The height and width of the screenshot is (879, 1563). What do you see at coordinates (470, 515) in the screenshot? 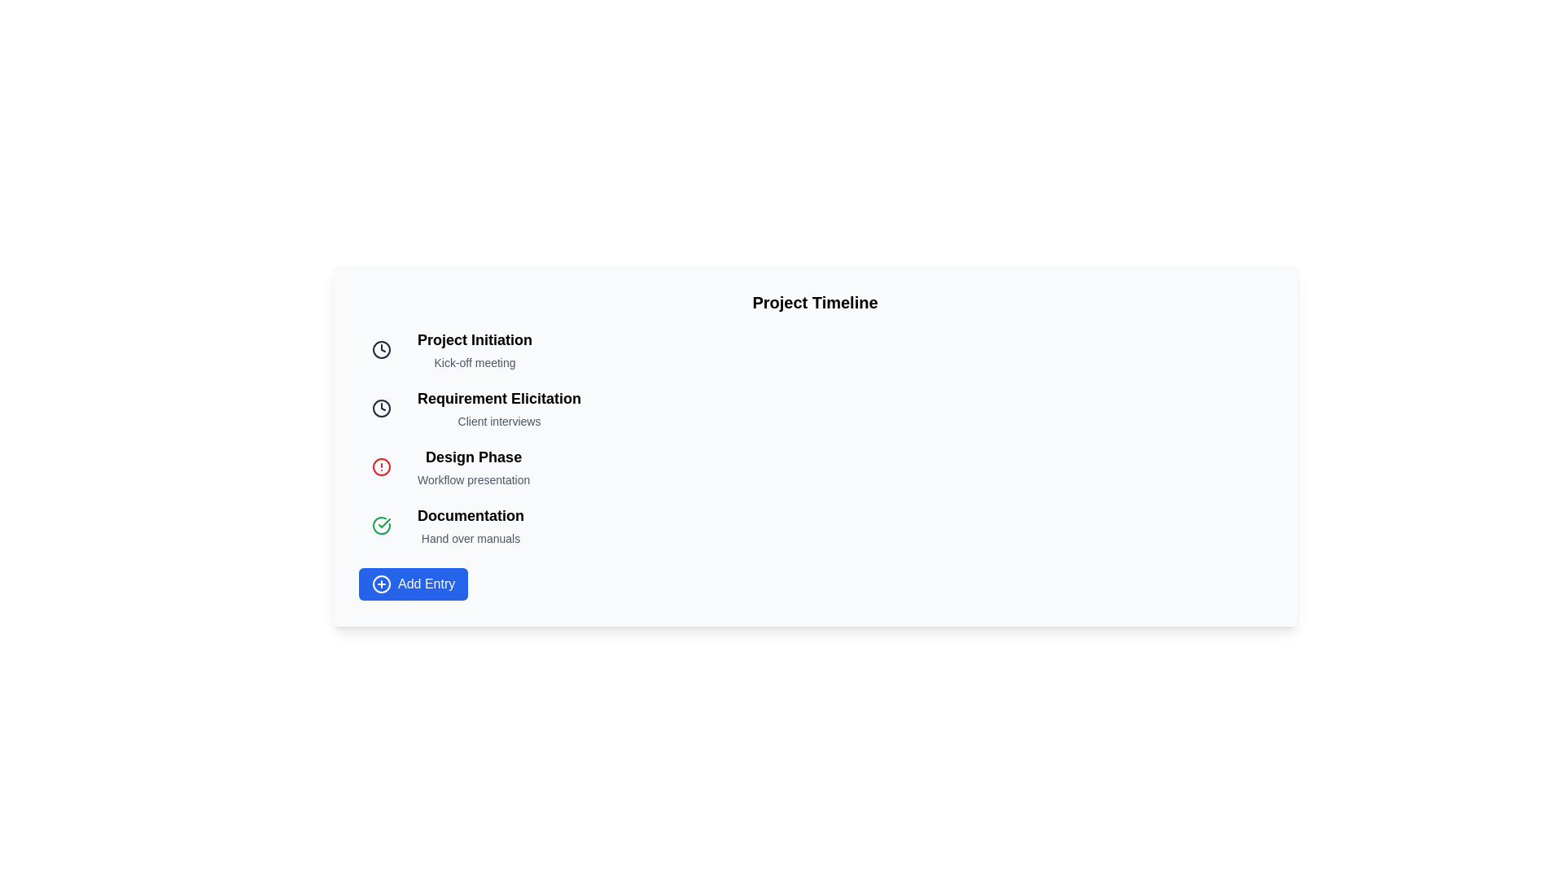
I see `the 'Documentation' heading text label located near the bottom of the vertical timeline interface` at bounding box center [470, 515].